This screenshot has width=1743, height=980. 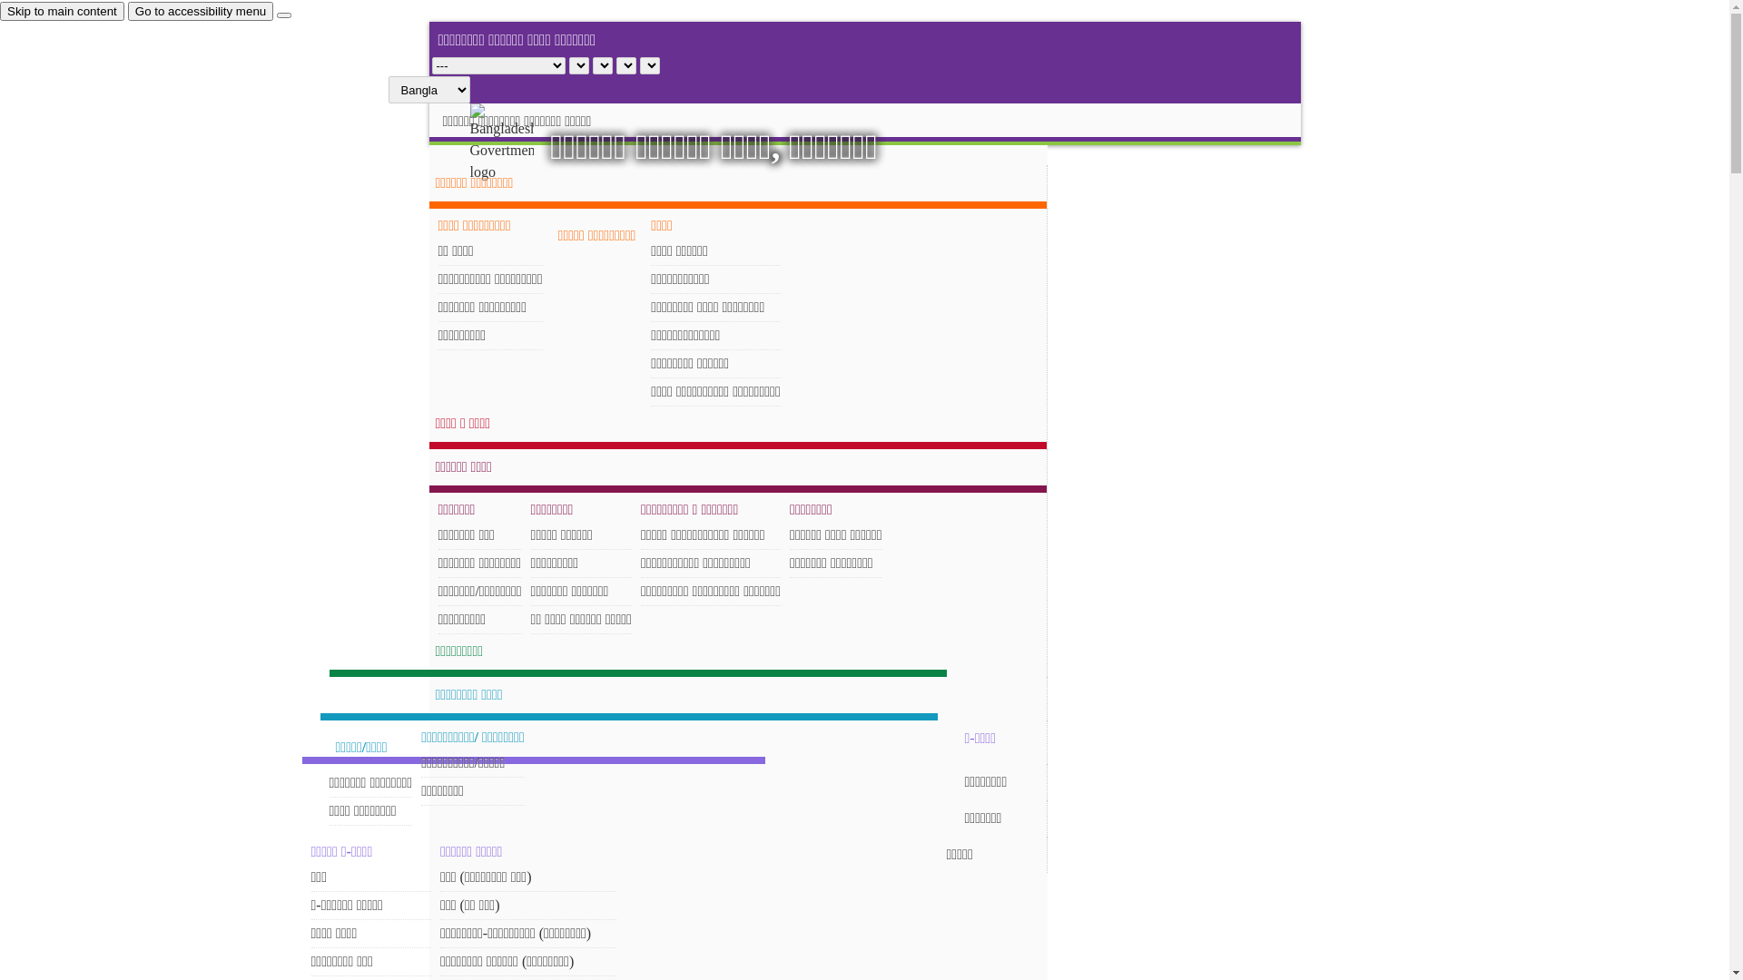 What do you see at coordinates (282, 15) in the screenshot?
I see `'close'` at bounding box center [282, 15].